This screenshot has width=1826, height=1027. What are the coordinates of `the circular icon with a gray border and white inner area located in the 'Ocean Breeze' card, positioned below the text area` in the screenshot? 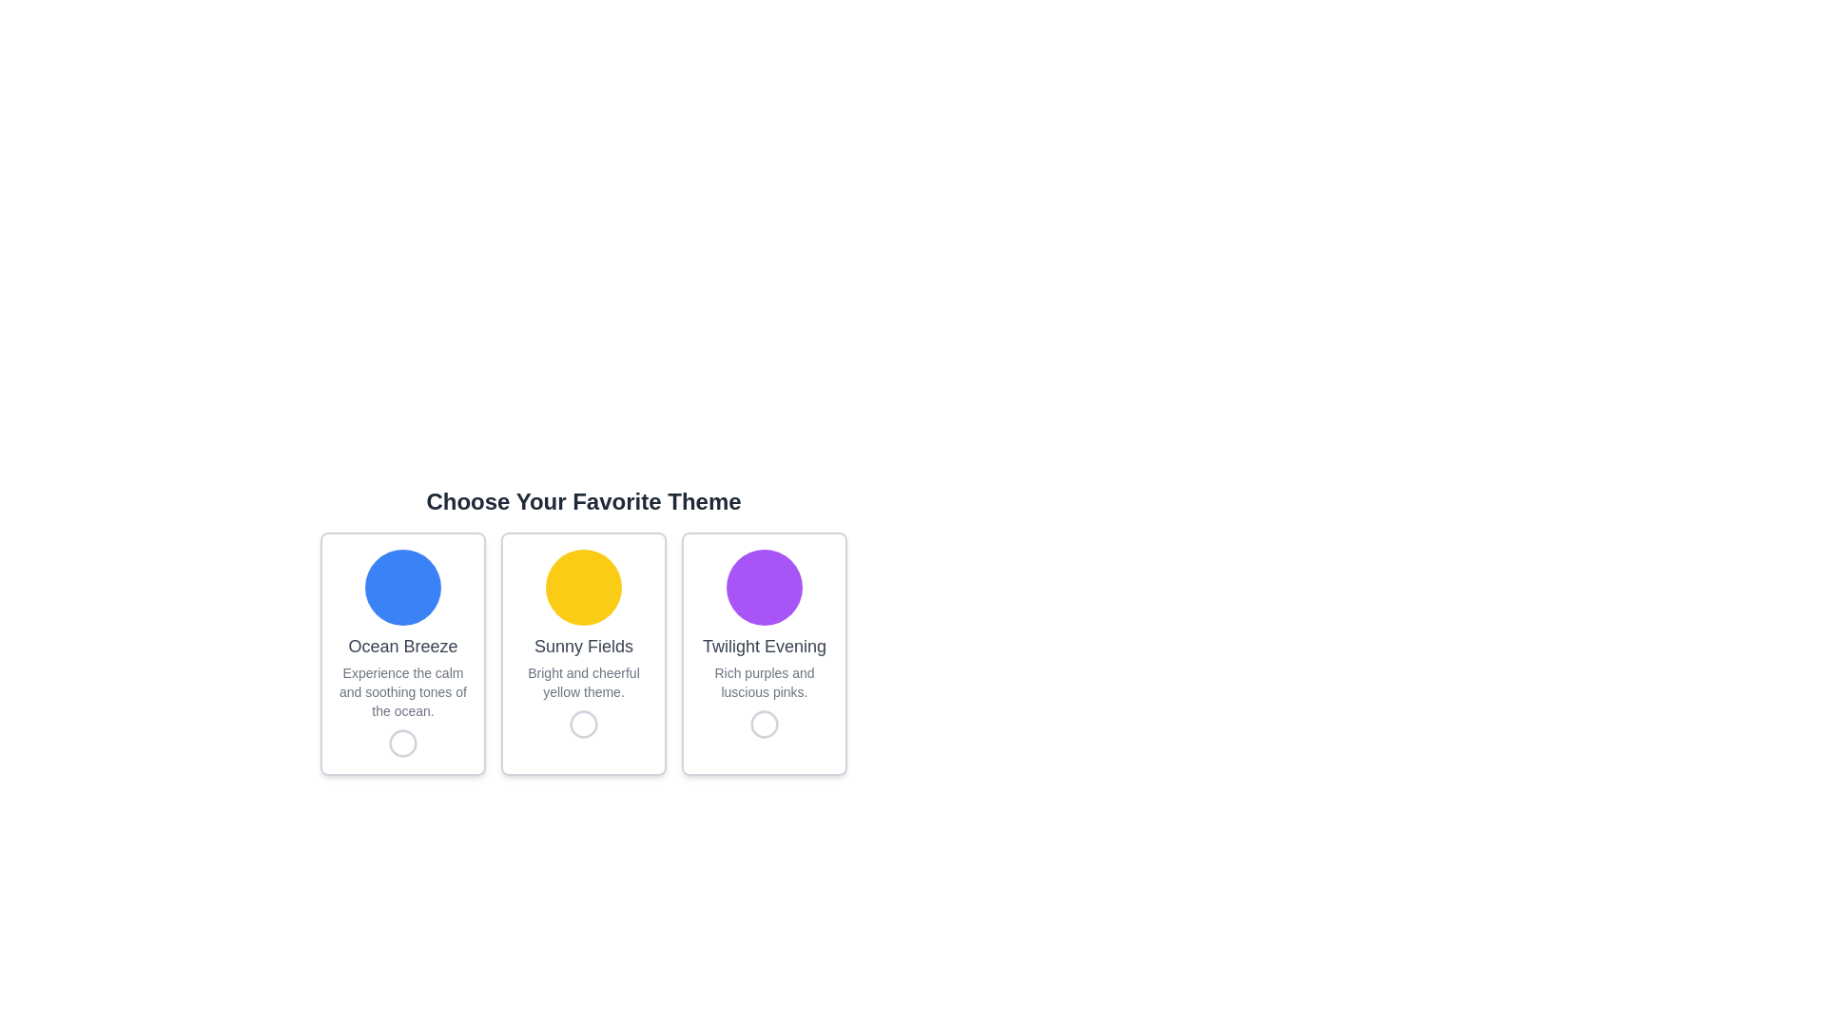 It's located at (401, 743).